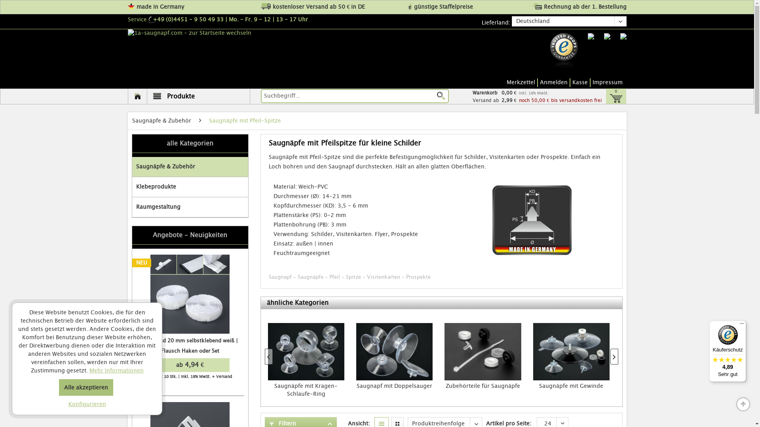 This screenshot has height=427, width=760. What do you see at coordinates (137, 96) in the screenshot?
I see `'Home'` at bounding box center [137, 96].